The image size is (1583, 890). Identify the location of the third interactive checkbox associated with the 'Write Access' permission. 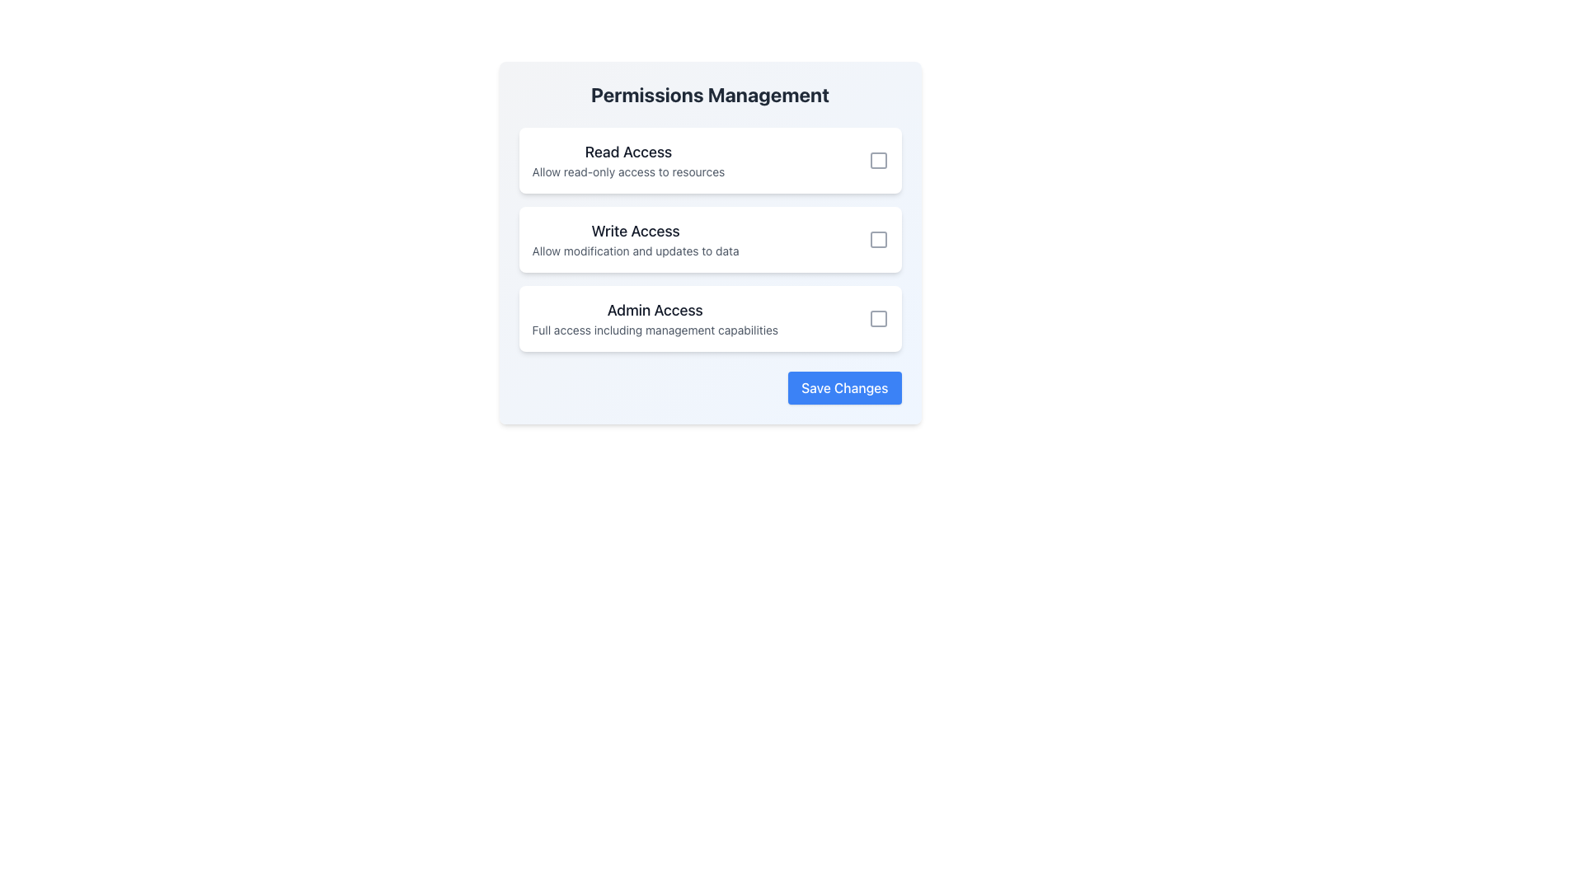
(877, 239).